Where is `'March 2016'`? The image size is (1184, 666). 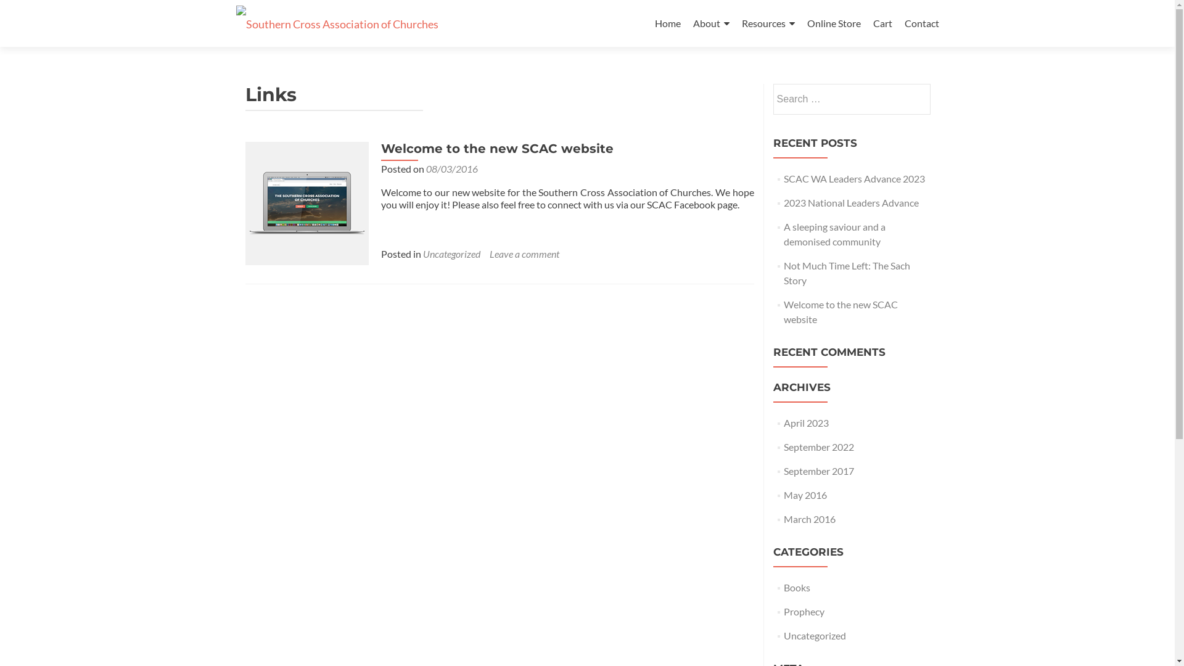 'March 2016' is located at coordinates (810, 519).